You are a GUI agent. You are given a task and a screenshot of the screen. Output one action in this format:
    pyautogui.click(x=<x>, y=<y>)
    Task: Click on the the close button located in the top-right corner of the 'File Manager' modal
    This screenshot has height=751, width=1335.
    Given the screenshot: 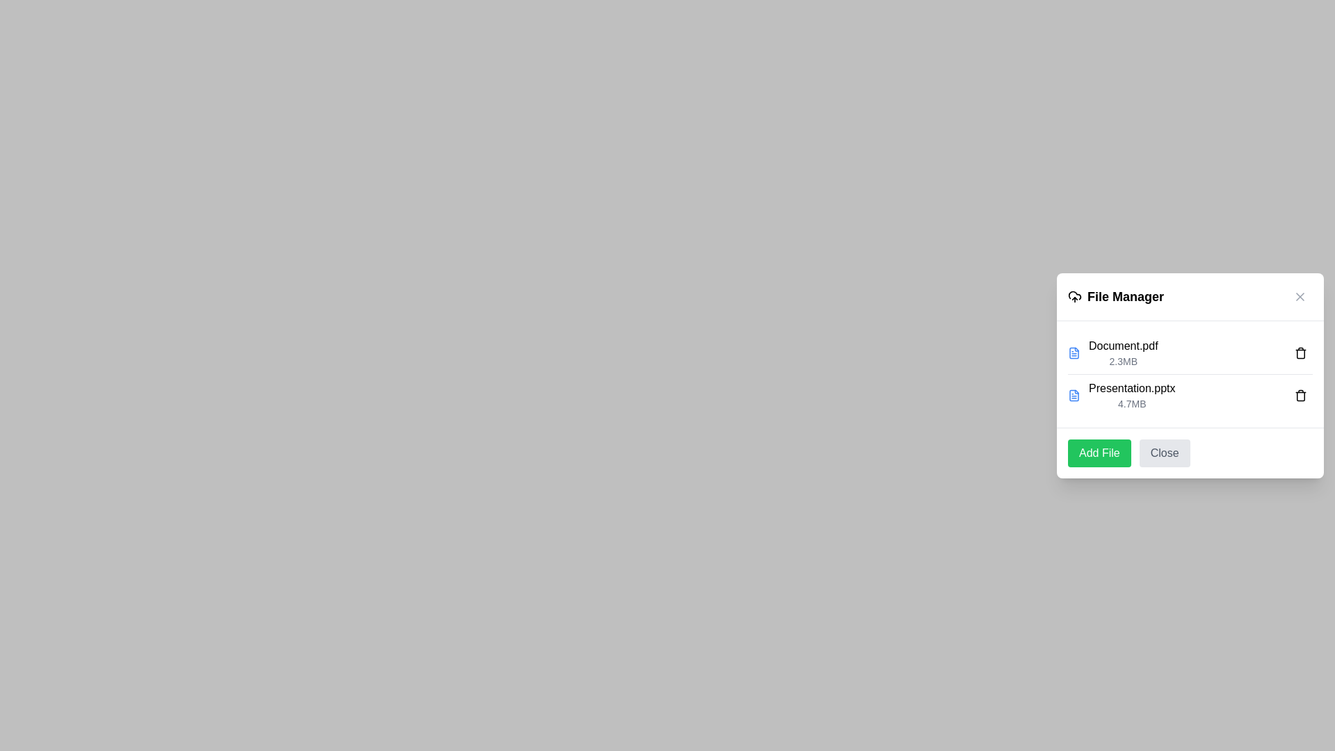 What is the action you would take?
    pyautogui.click(x=1300, y=295)
    